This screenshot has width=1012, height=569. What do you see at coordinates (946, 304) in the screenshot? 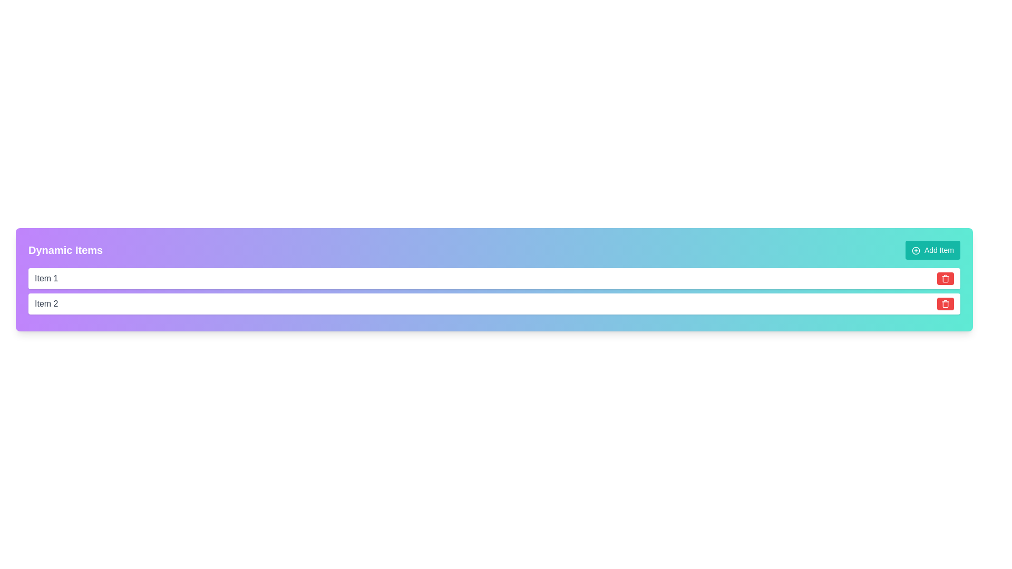
I see `the delete icon located on the right side of the list row labeled 'Item 2'` at bounding box center [946, 304].